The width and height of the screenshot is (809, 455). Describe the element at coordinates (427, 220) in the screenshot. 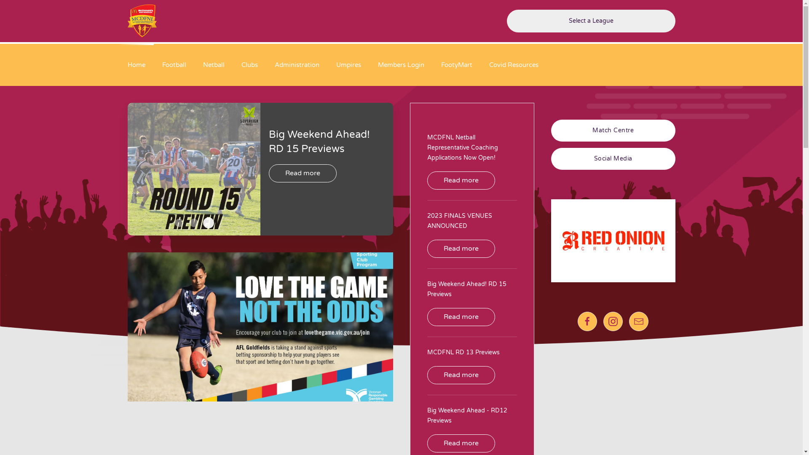

I see `'2023 FINALS VENUES ANNOUNCED'` at that location.